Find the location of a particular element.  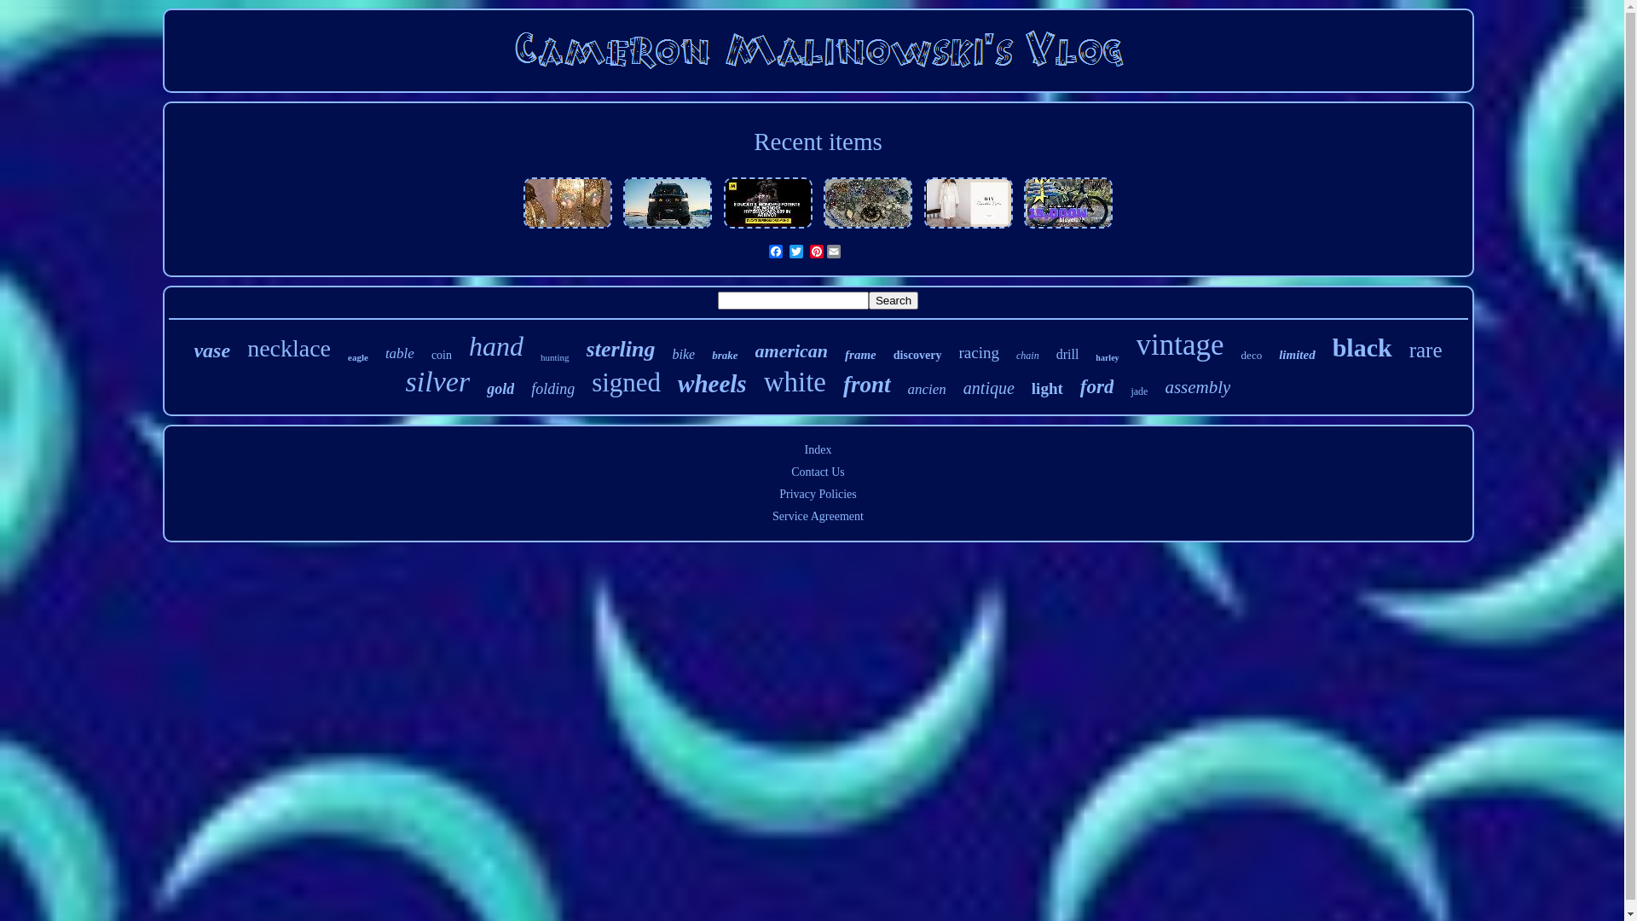

'drill' is located at coordinates (1055, 354).